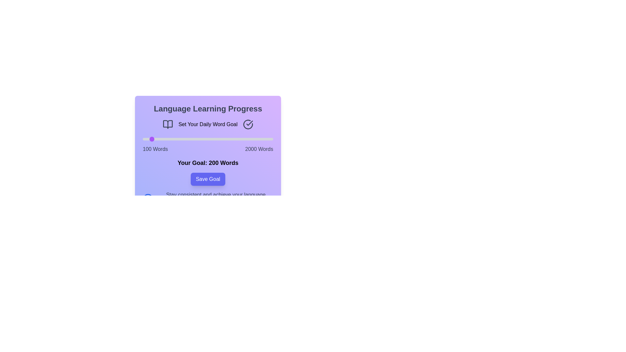 The image size is (626, 352). What do you see at coordinates (260, 139) in the screenshot?
I see `the slider to set the word count to 1810` at bounding box center [260, 139].